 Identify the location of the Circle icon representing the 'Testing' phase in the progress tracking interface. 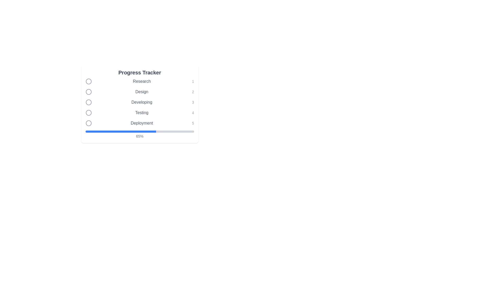
(88, 113).